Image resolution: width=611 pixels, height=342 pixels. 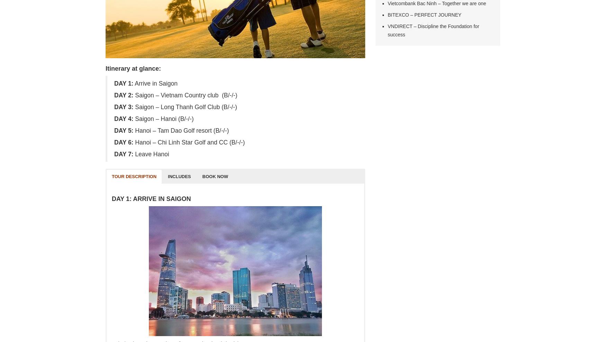 What do you see at coordinates (114, 95) in the screenshot?
I see `'DAY 2:'` at bounding box center [114, 95].